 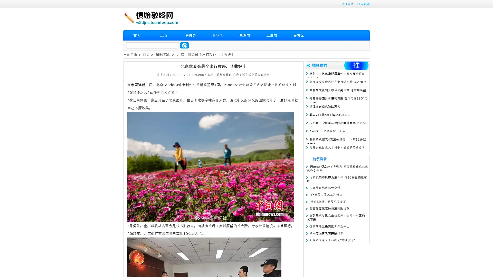 What do you see at coordinates (184, 45) in the screenshot?
I see `Search` at bounding box center [184, 45].